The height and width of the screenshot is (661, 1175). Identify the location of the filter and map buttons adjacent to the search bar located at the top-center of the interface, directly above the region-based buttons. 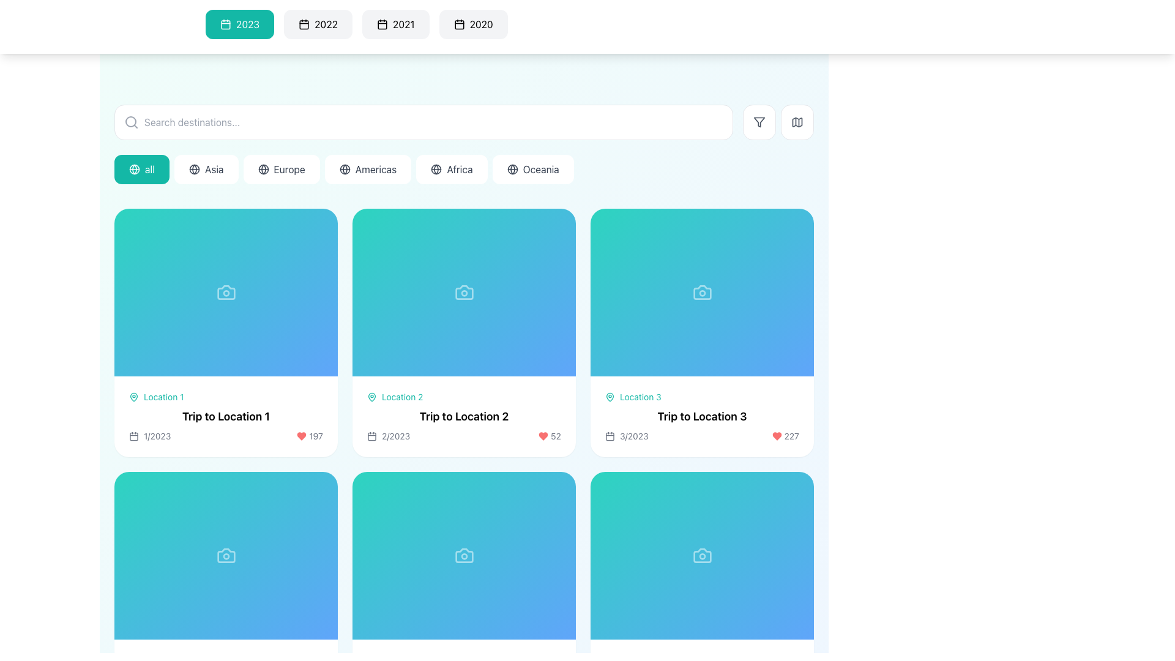
(463, 122).